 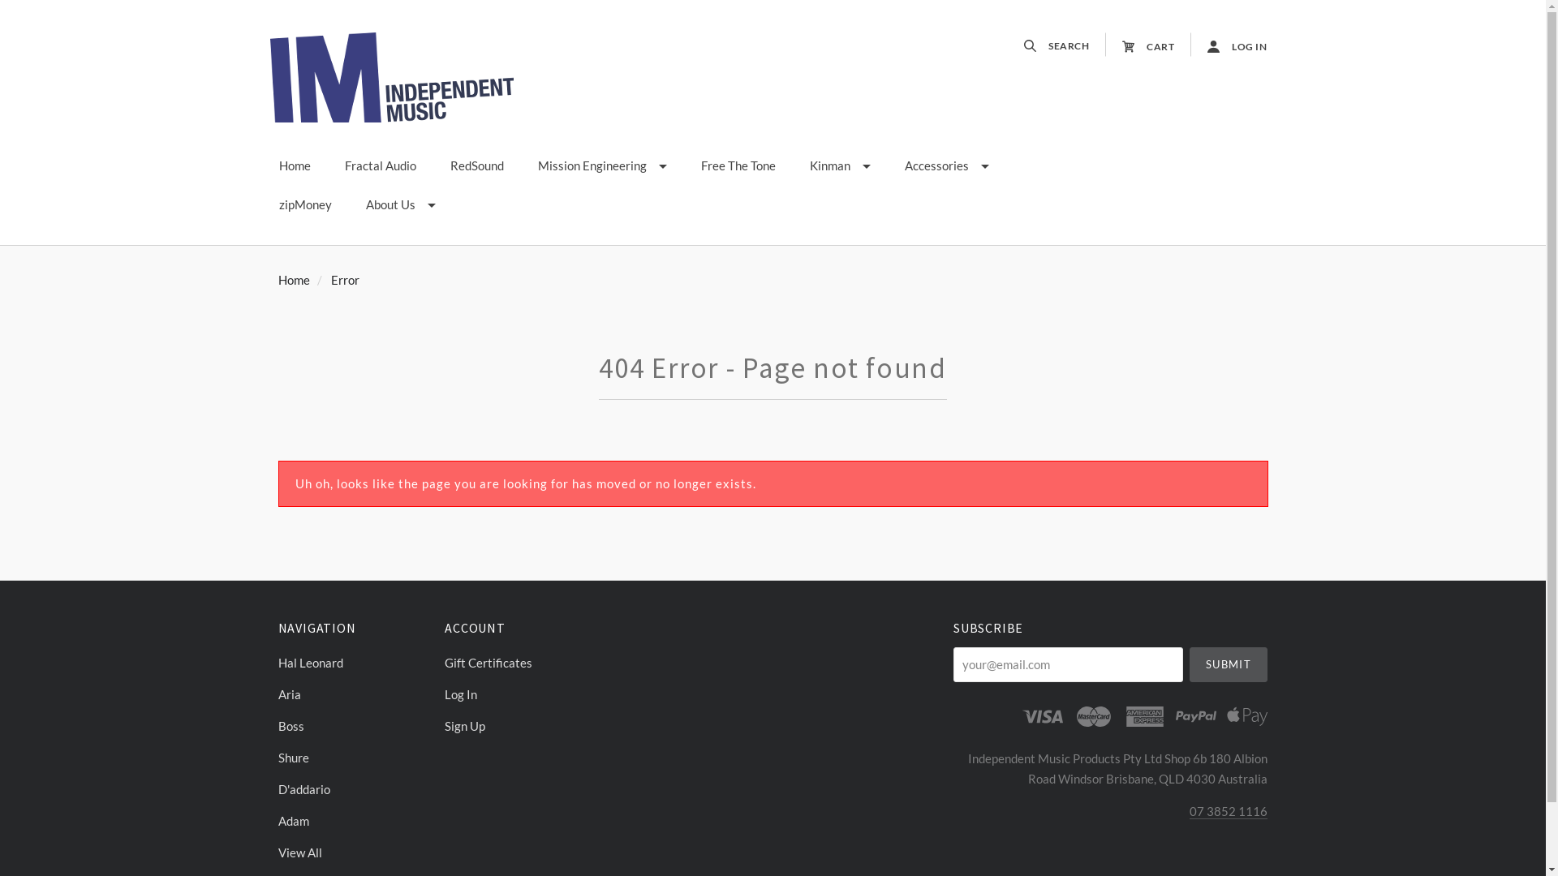 What do you see at coordinates (352, 758) in the screenshot?
I see `'Shure'` at bounding box center [352, 758].